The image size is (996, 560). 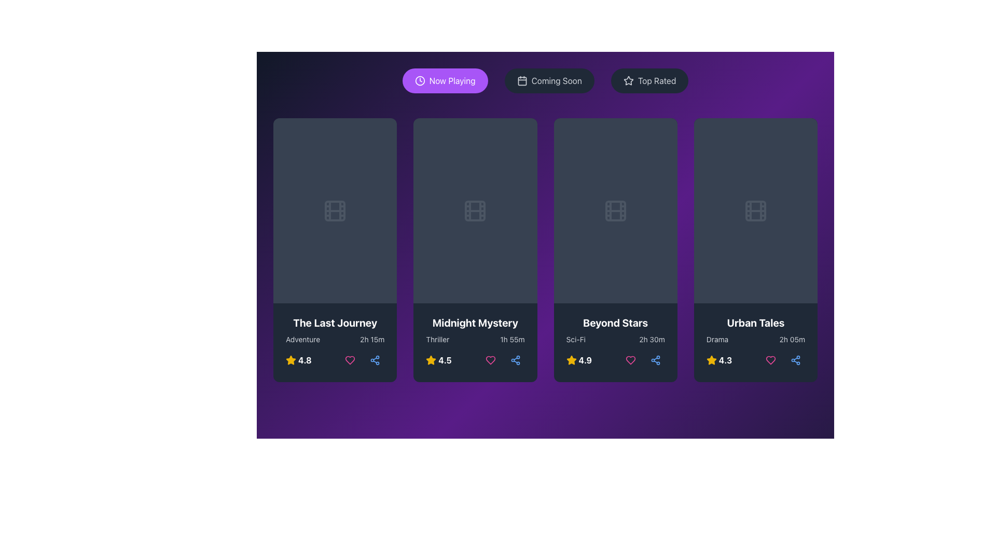 I want to click on the Rating indicator displayed as a yellow star icon followed by the text '4.8' in white, bold font, located beneath the title 'The Last Journey' on the first card, so click(x=298, y=360).